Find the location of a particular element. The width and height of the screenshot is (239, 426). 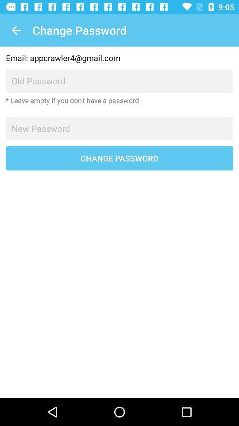

type old password is located at coordinates (119, 81).